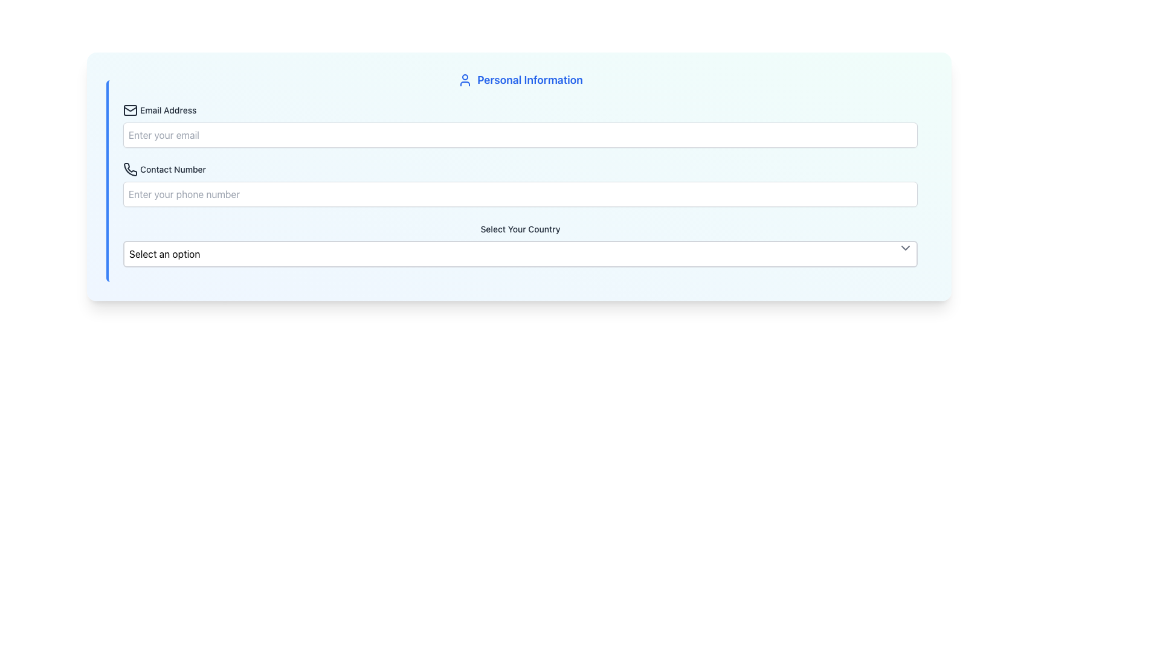  Describe the element at coordinates (520, 184) in the screenshot. I see `the input field labeled 'Contact Number'` at that location.